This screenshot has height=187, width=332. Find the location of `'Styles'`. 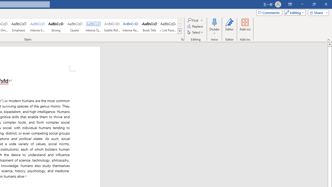

'Styles' is located at coordinates (179, 31).